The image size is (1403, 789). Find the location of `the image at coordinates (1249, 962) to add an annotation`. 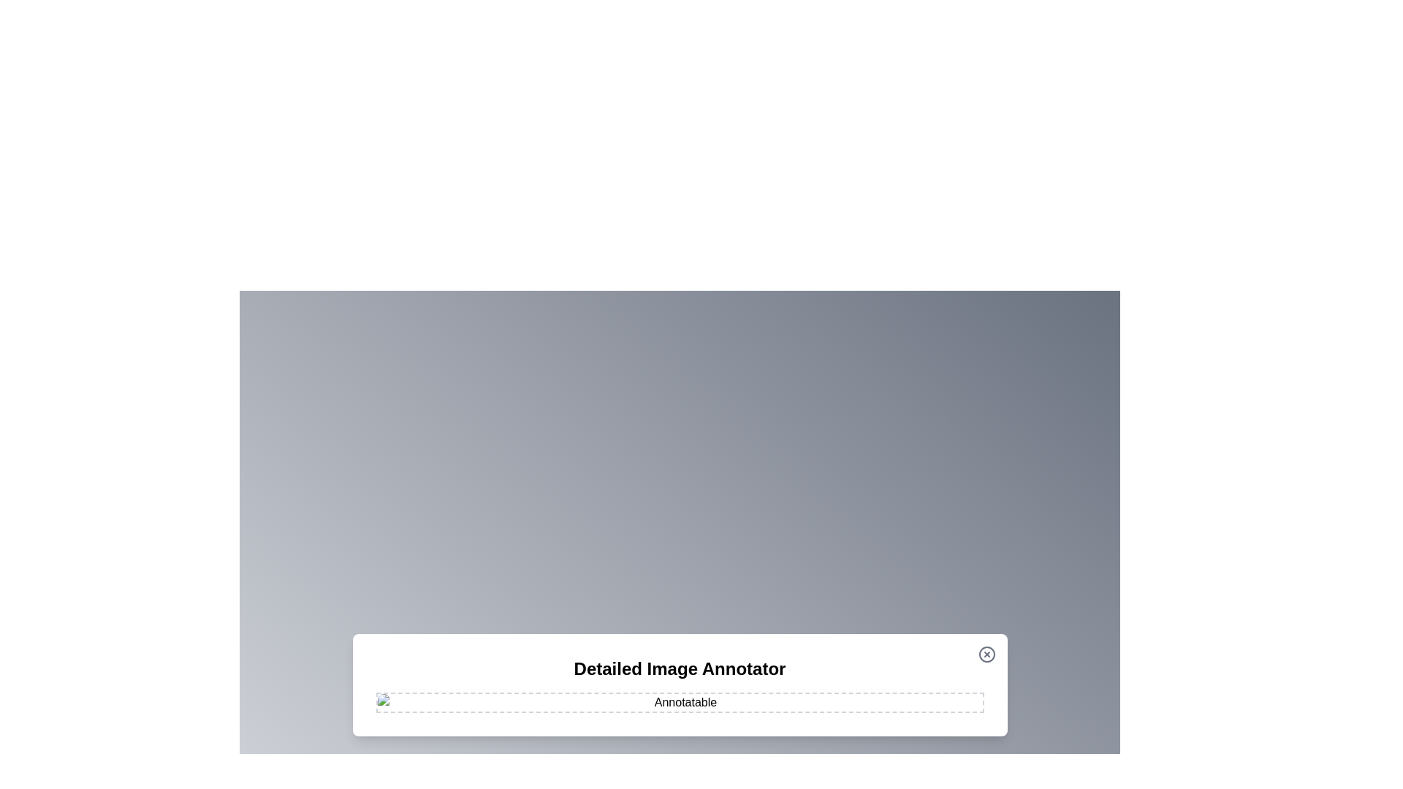

the image at coordinates (1249, 962) to add an annotation is located at coordinates (911, 701).